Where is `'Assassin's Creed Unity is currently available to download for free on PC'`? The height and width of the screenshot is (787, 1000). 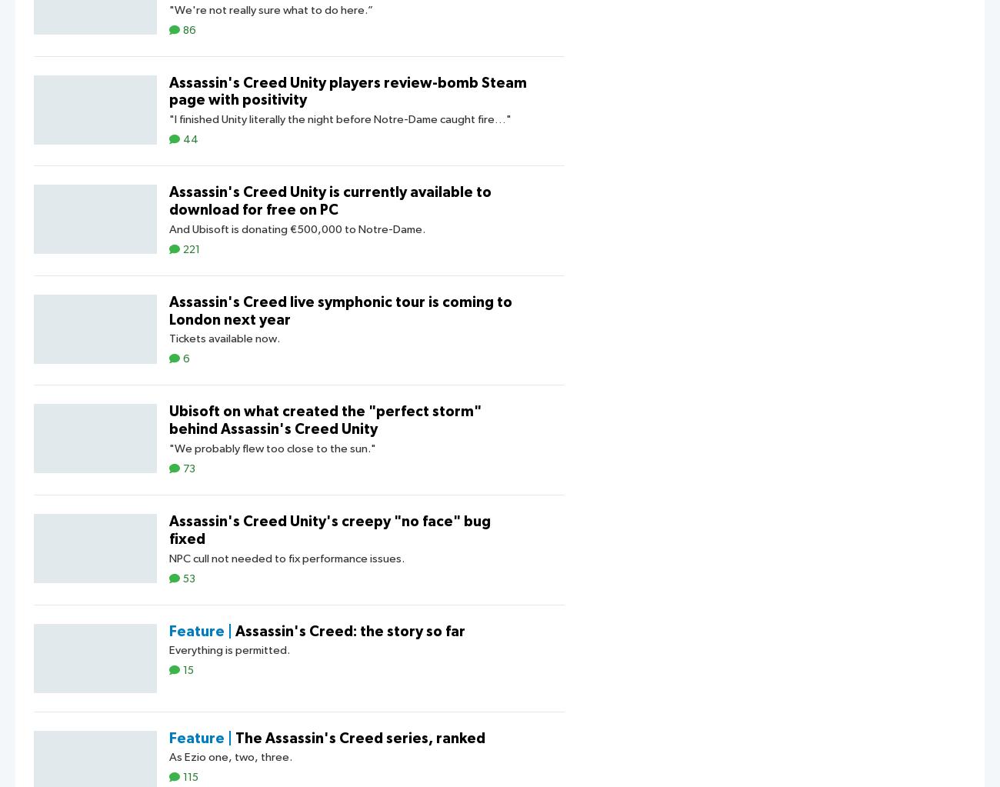 'Assassin's Creed Unity is currently available to download for free on PC' is located at coordinates (330, 201).